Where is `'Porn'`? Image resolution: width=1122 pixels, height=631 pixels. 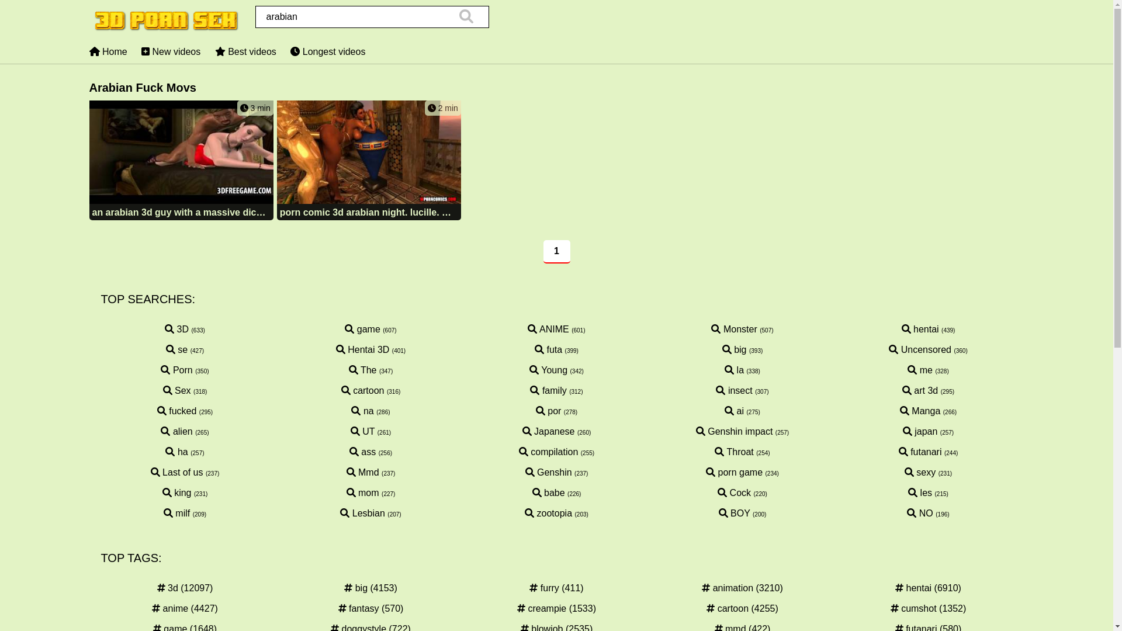 'Porn' is located at coordinates (176, 370).